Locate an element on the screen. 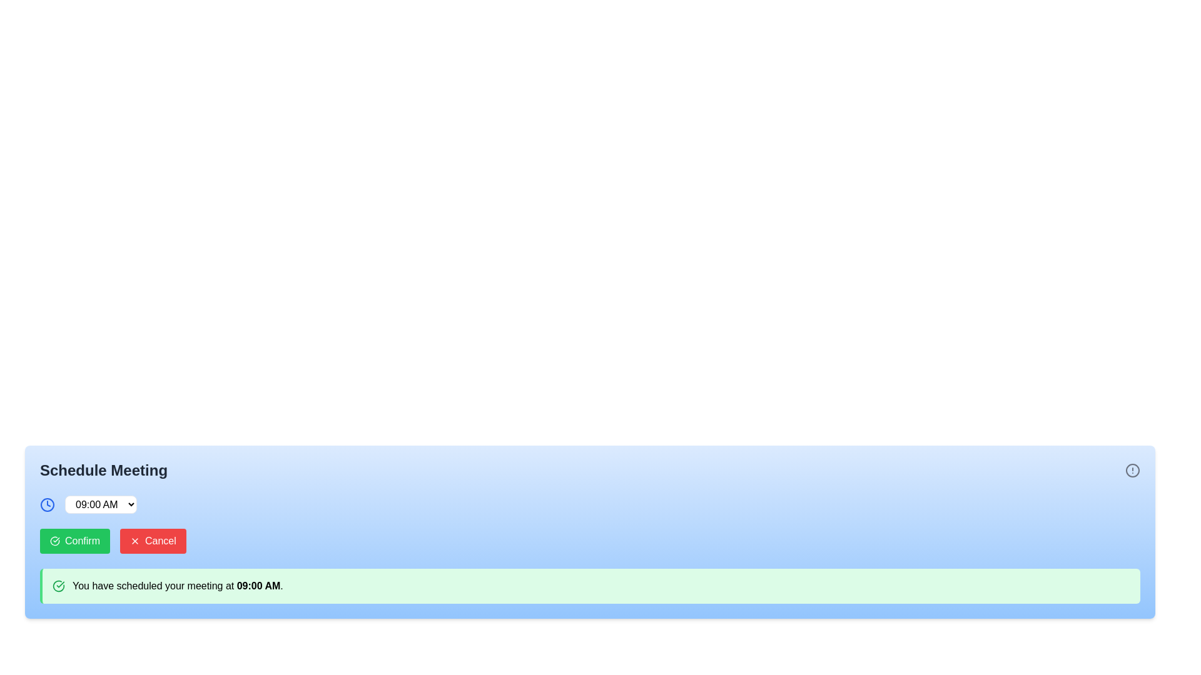 This screenshot has height=675, width=1201. the decorative icon representing the 'Cancel' action, located to the left of the 'Cancel' text label inside the red rectangular button is located at coordinates (135, 541).